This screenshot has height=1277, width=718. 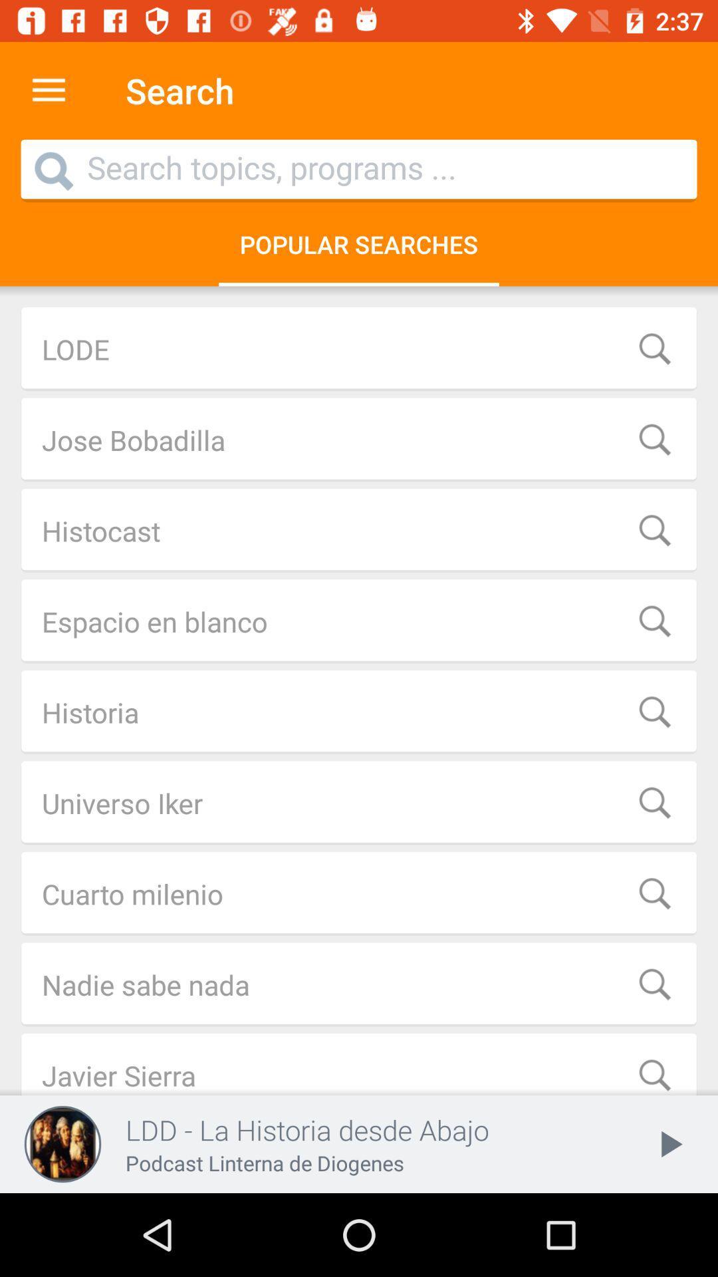 What do you see at coordinates (359, 621) in the screenshot?
I see `the icon below histocast item` at bounding box center [359, 621].